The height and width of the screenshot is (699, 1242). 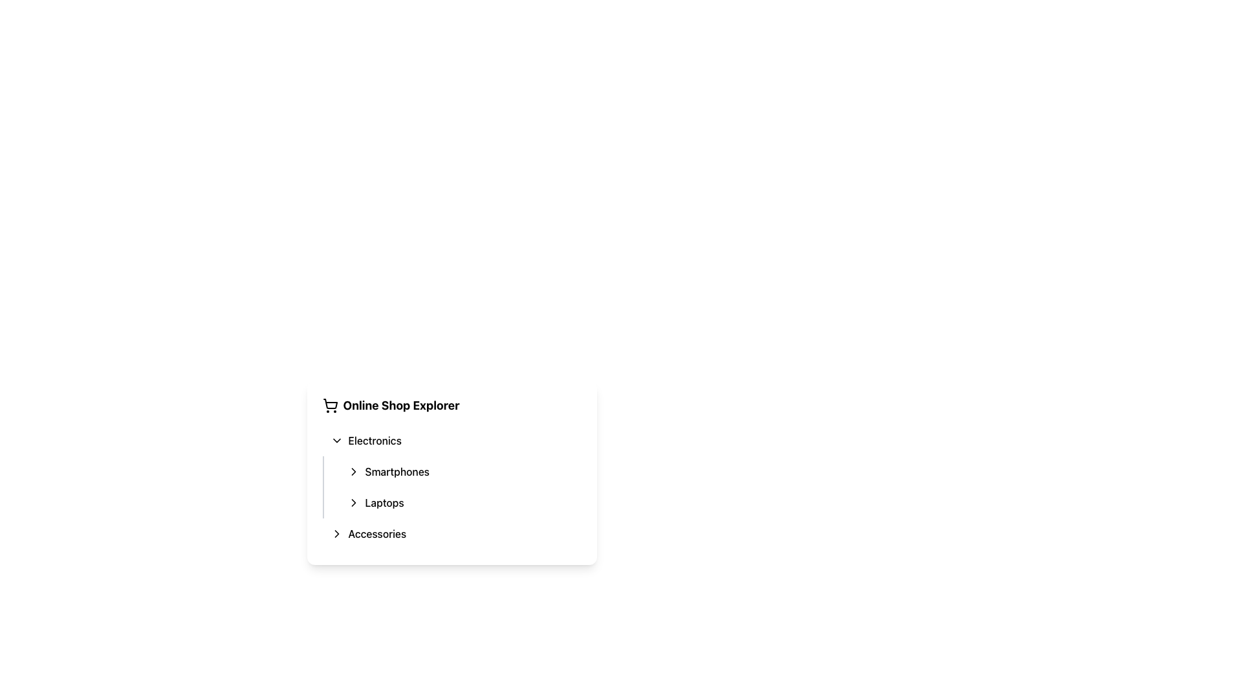 What do you see at coordinates (374, 440) in the screenshot?
I see `the 'Electronics' text label, which is located to the right of the chevron-down icon in the collapsible menu of the 'Online Shop Explorer' sidebar` at bounding box center [374, 440].